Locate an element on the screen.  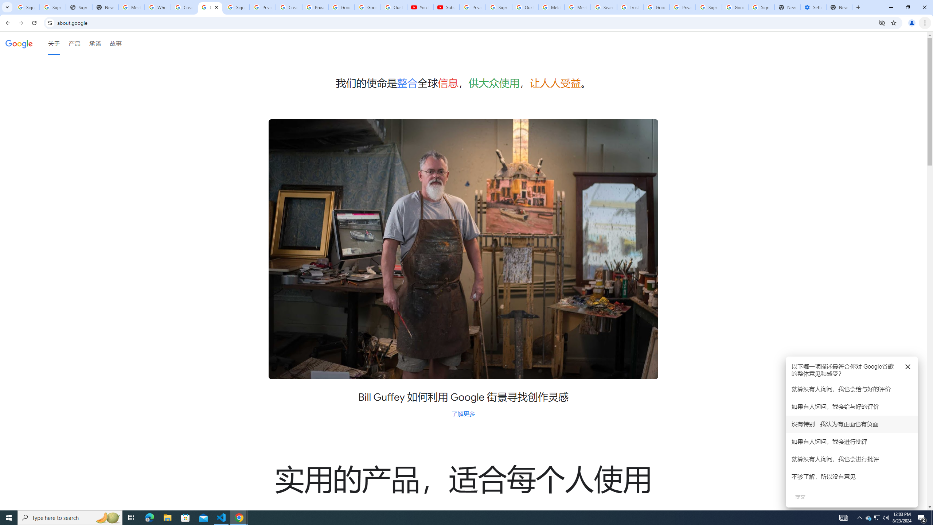
'Sign In - USA TODAY' is located at coordinates (79, 7).